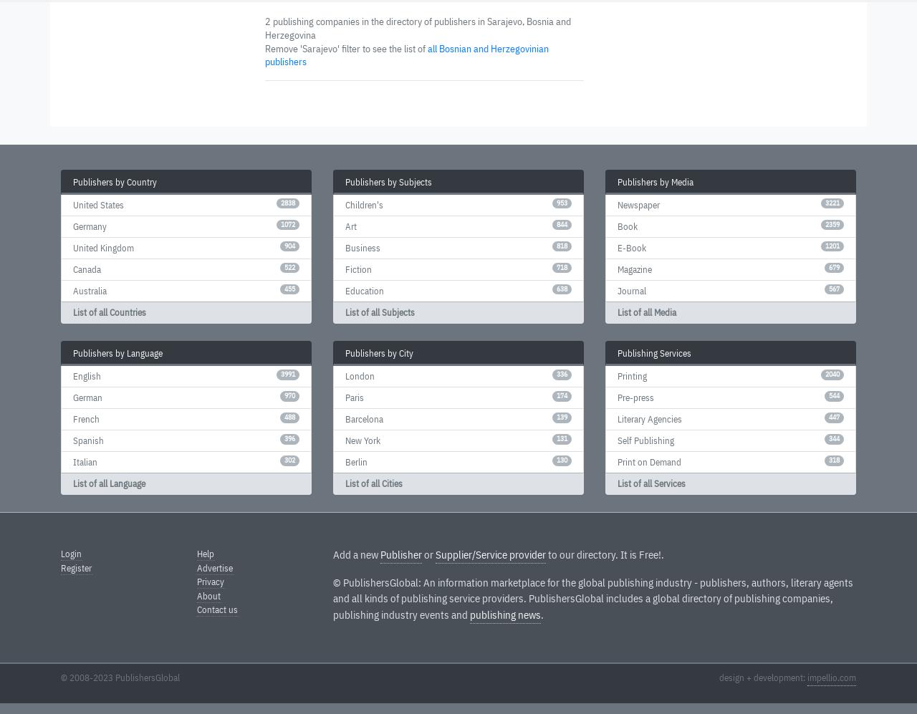  Describe the element at coordinates (108, 483) in the screenshot. I see `'List of all Language'` at that location.